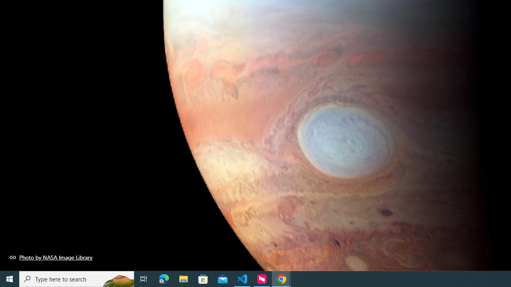  I want to click on 'Microsoft Edge', so click(164, 278).